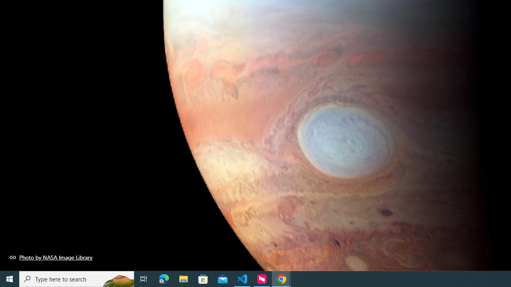  I want to click on 'Microsoft Edge', so click(164, 278).